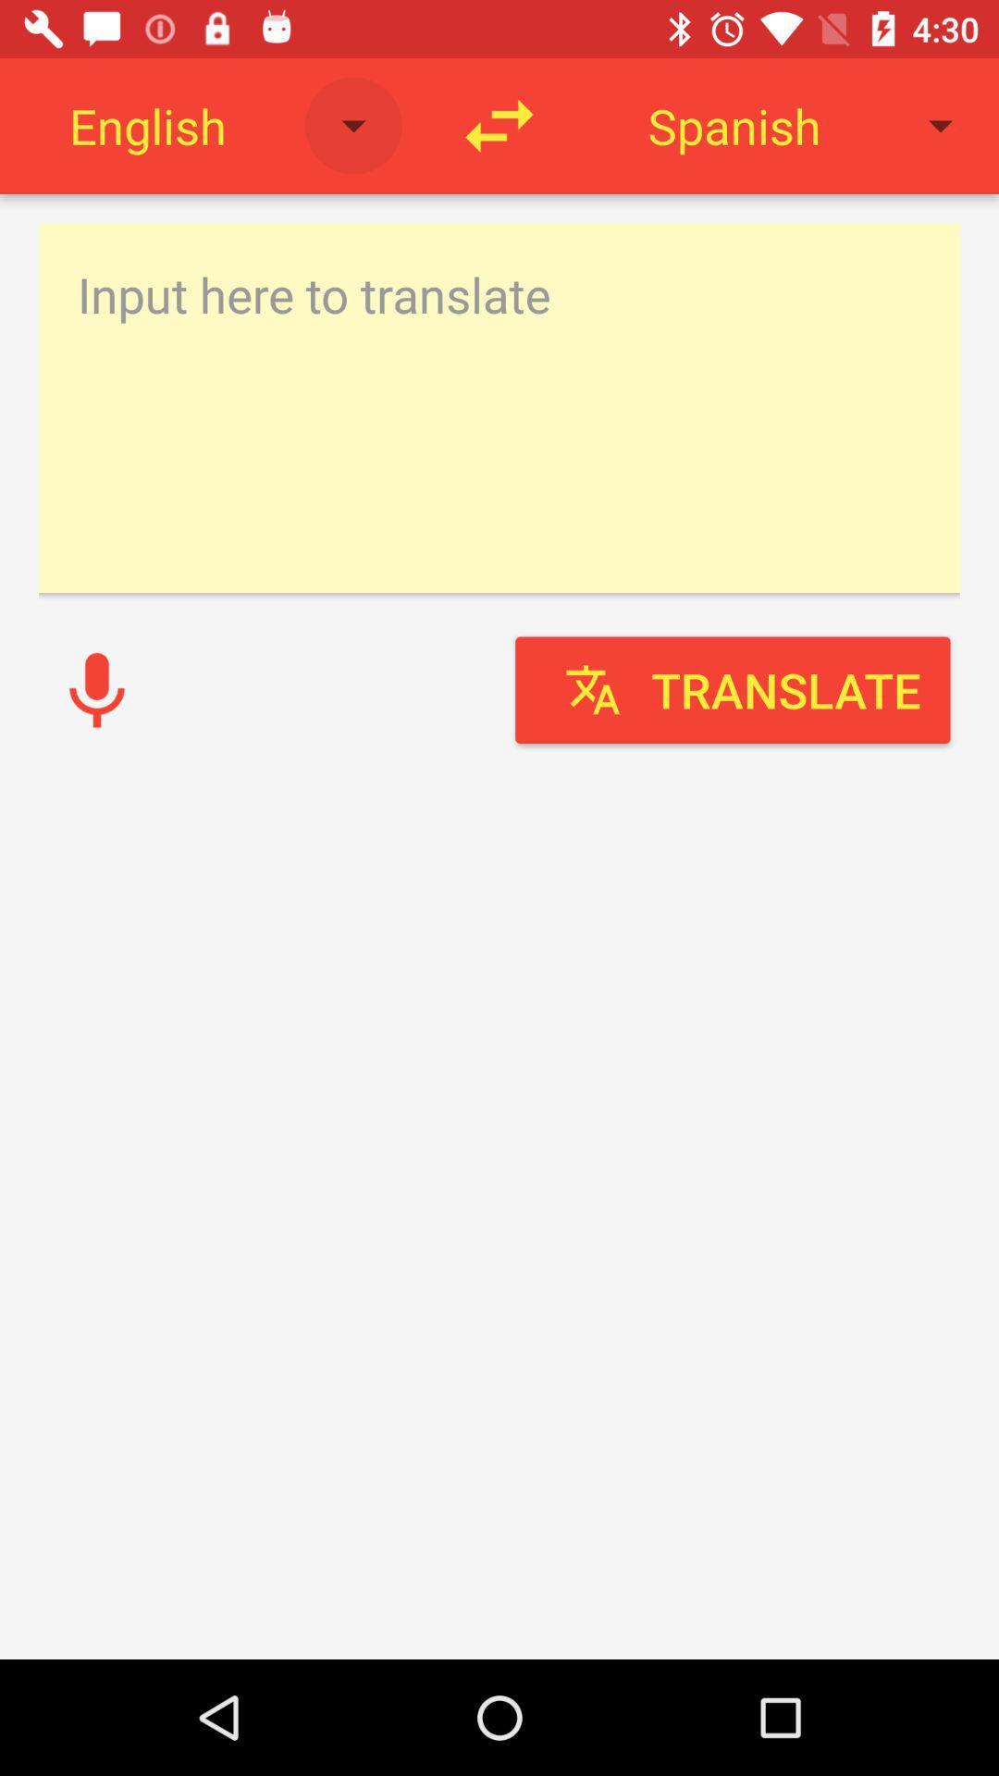 The height and width of the screenshot is (1776, 999). What do you see at coordinates (96, 689) in the screenshot?
I see `the microphone icon` at bounding box center [96, 689].